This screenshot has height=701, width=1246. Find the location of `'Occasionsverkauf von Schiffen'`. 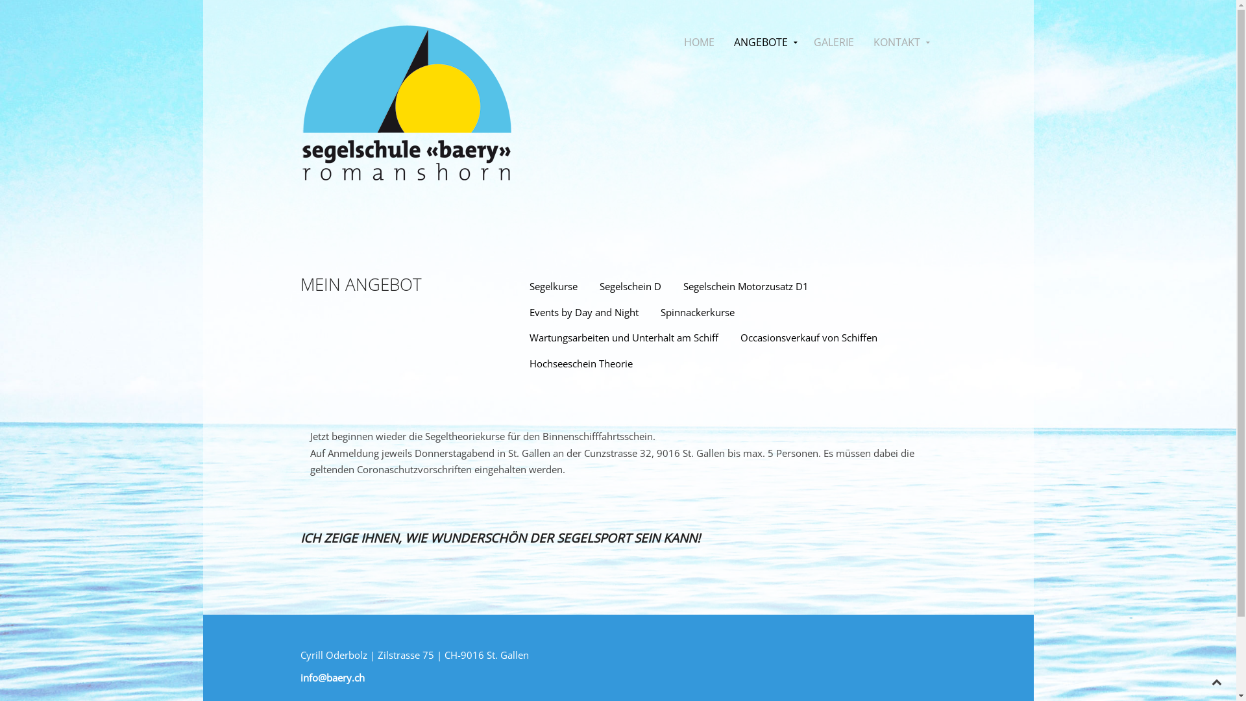

'Occasionsverkauf von Schiffen' is located at coordinates (808, 337).